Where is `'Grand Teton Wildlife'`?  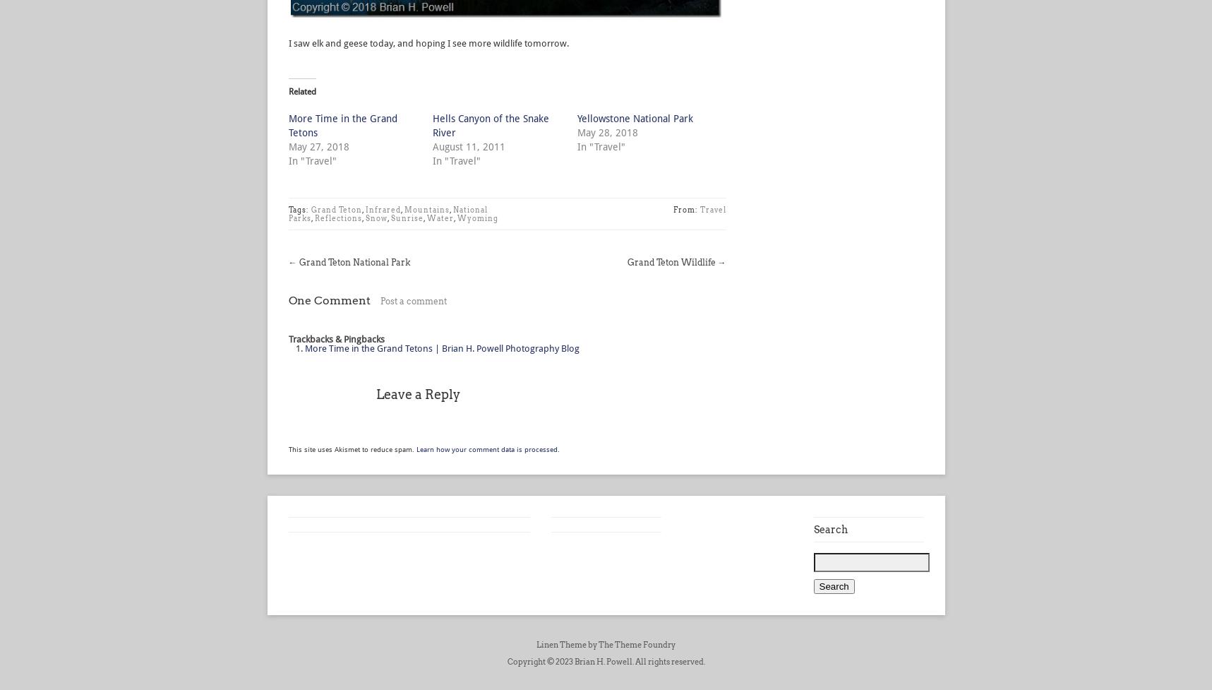
'Grand Teton Wildlife' is located at coordinates (671, 262).